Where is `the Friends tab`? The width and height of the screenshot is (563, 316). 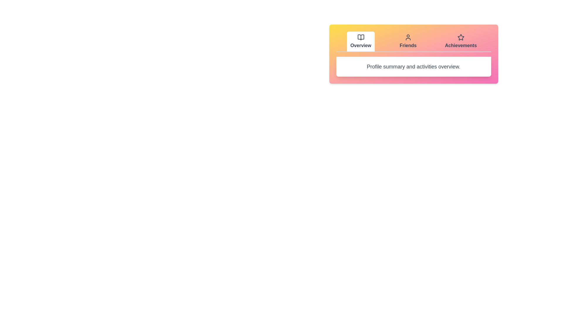
the Friends tab is located at coordinates (408, 41).